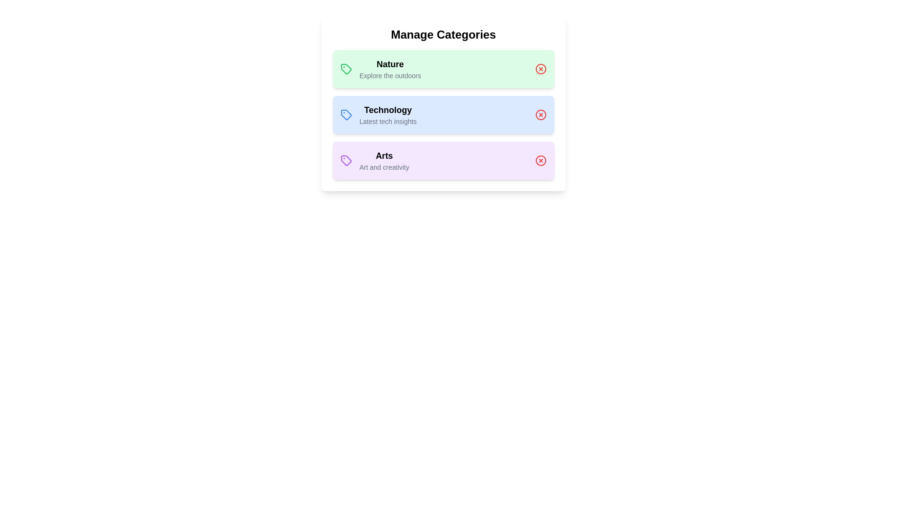  What do you see at coordinates (390, 64) in the screenshot?
I see `the text of the category 'Nature' to select it` at bounding box center [390, 64].